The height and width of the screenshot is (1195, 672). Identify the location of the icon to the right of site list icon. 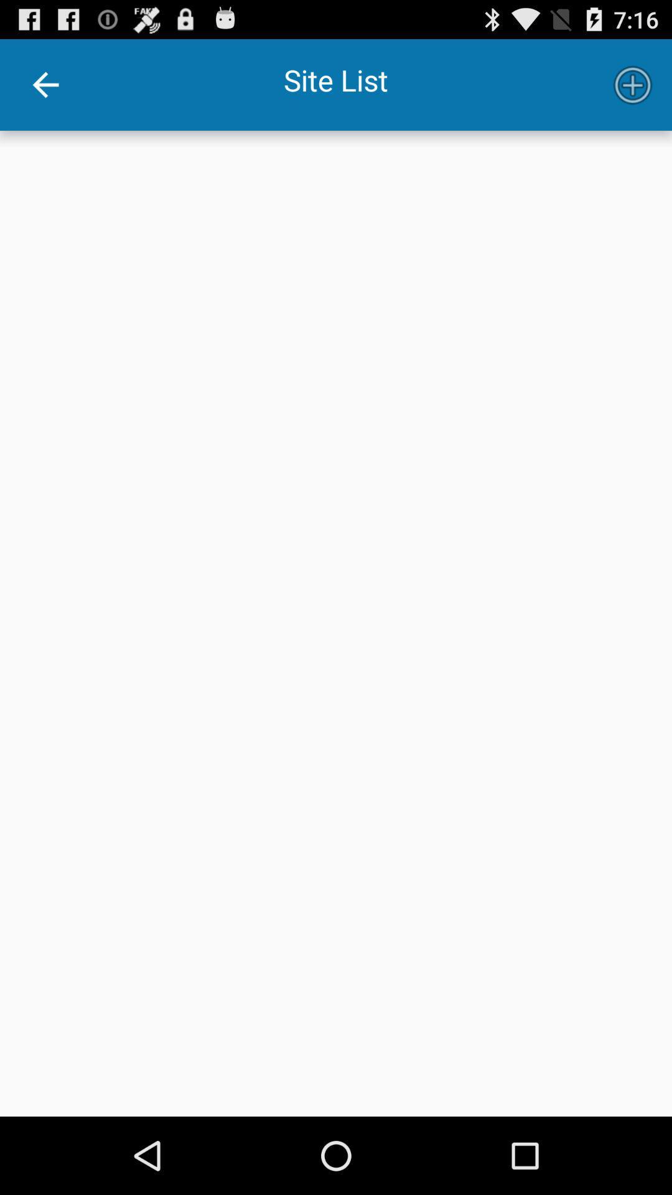
(633, 84).